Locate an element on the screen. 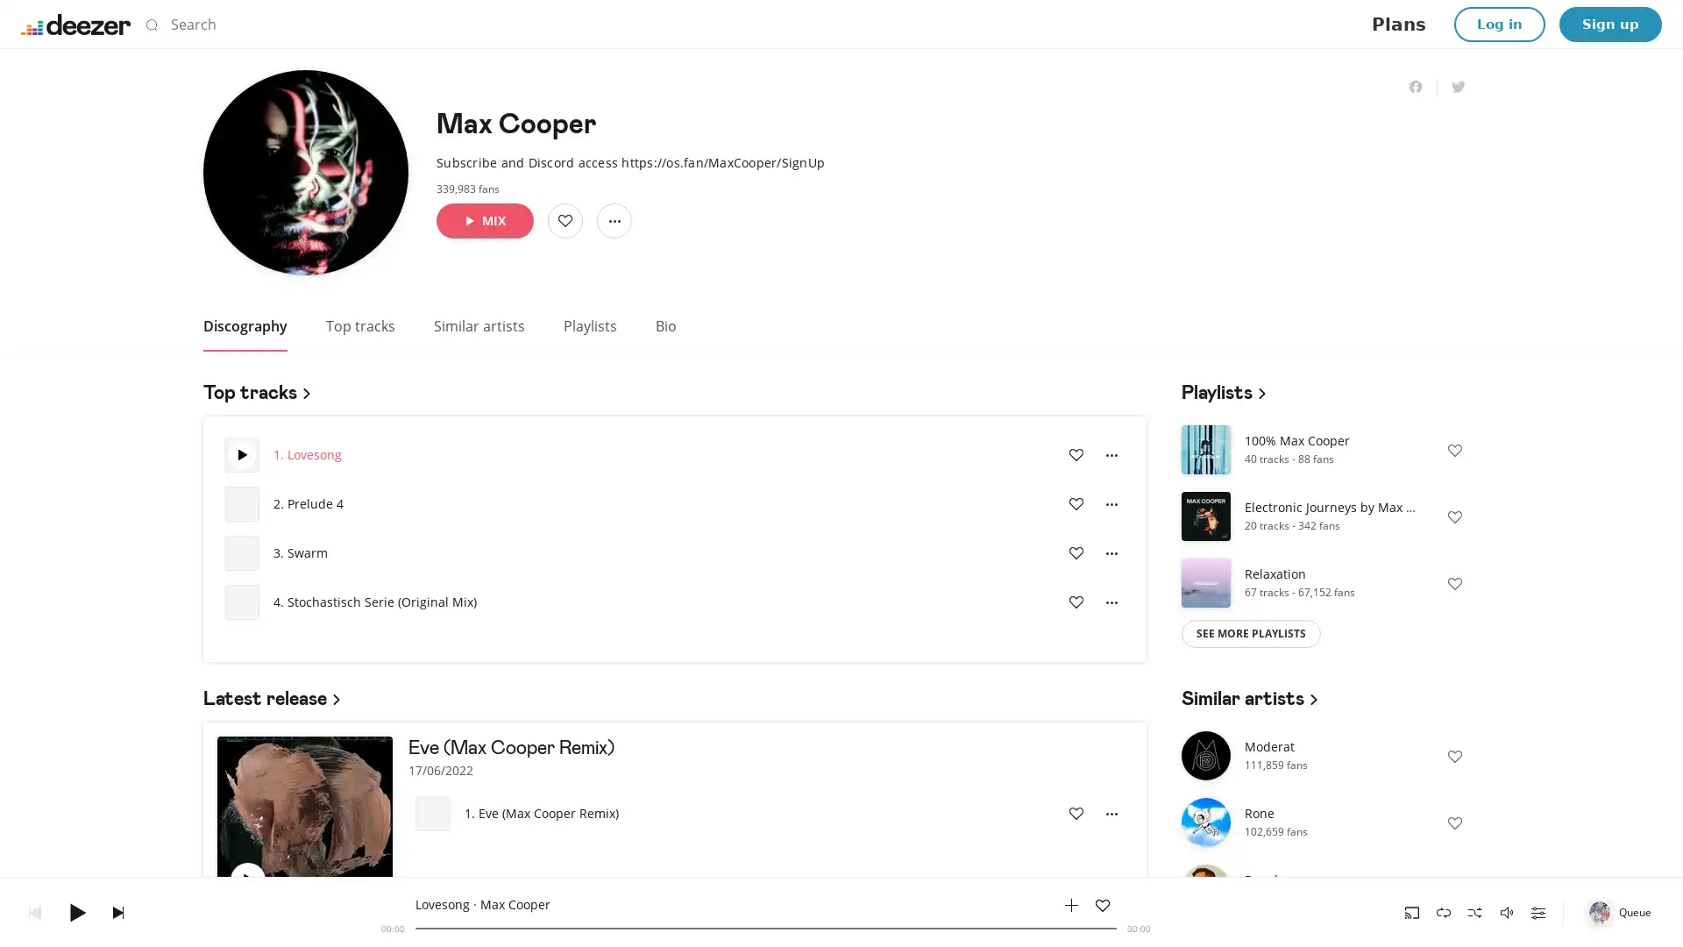 This screenshot has width=1683, height=947. Play Eve (Max Cooper Remix) by Awe Kid is located at coordinates (433, 814).